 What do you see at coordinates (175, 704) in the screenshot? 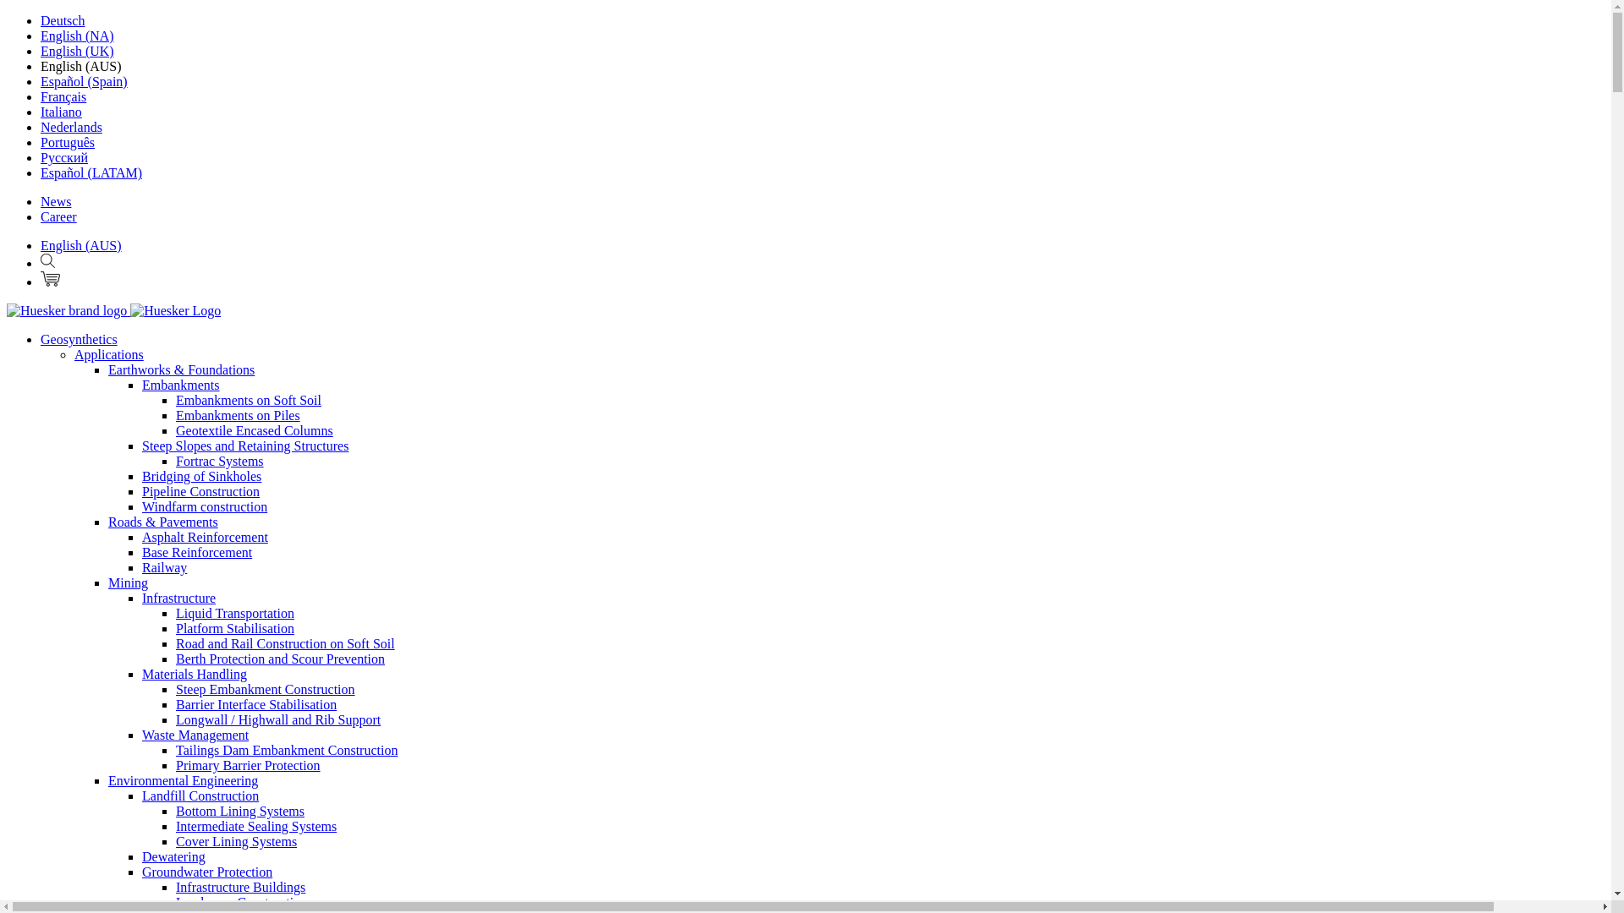
I see `'Barrier Interface Stabilisation'` at bounding box center [175, 704].